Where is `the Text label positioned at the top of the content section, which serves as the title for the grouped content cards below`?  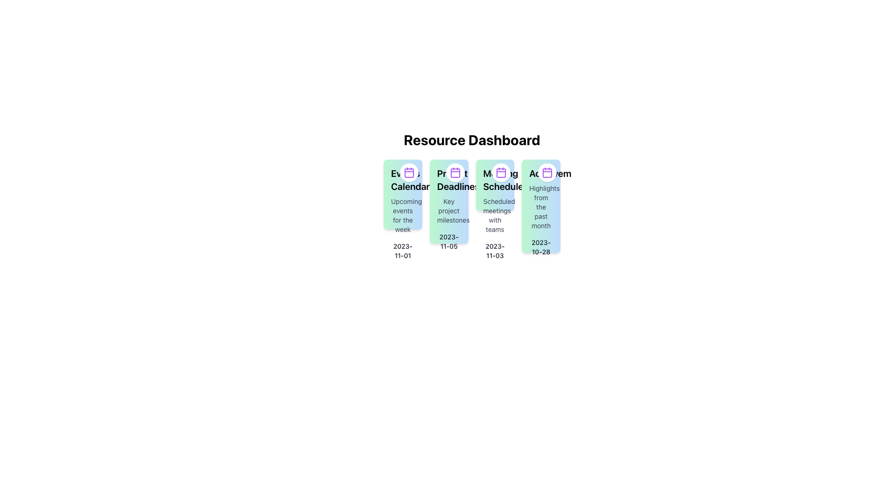
the Text label positioned at the top of the content section, which serves as the title for the grouped content cards below is located at coordinates (472, 140).